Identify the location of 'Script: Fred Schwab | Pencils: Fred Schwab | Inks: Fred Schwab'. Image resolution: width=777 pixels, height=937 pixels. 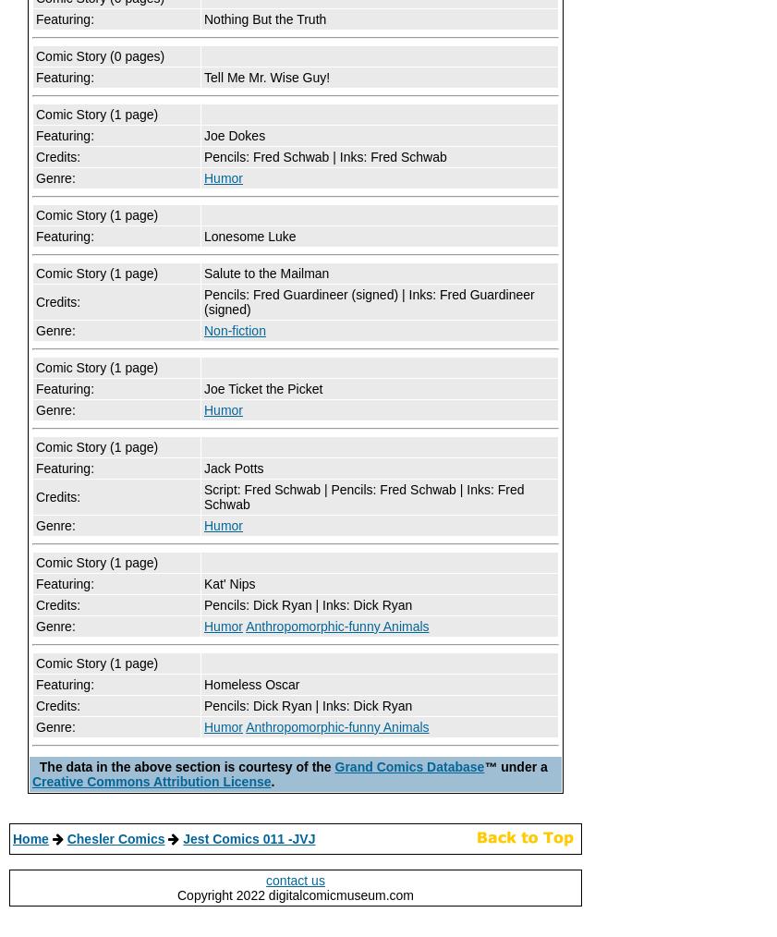
(363, 496).